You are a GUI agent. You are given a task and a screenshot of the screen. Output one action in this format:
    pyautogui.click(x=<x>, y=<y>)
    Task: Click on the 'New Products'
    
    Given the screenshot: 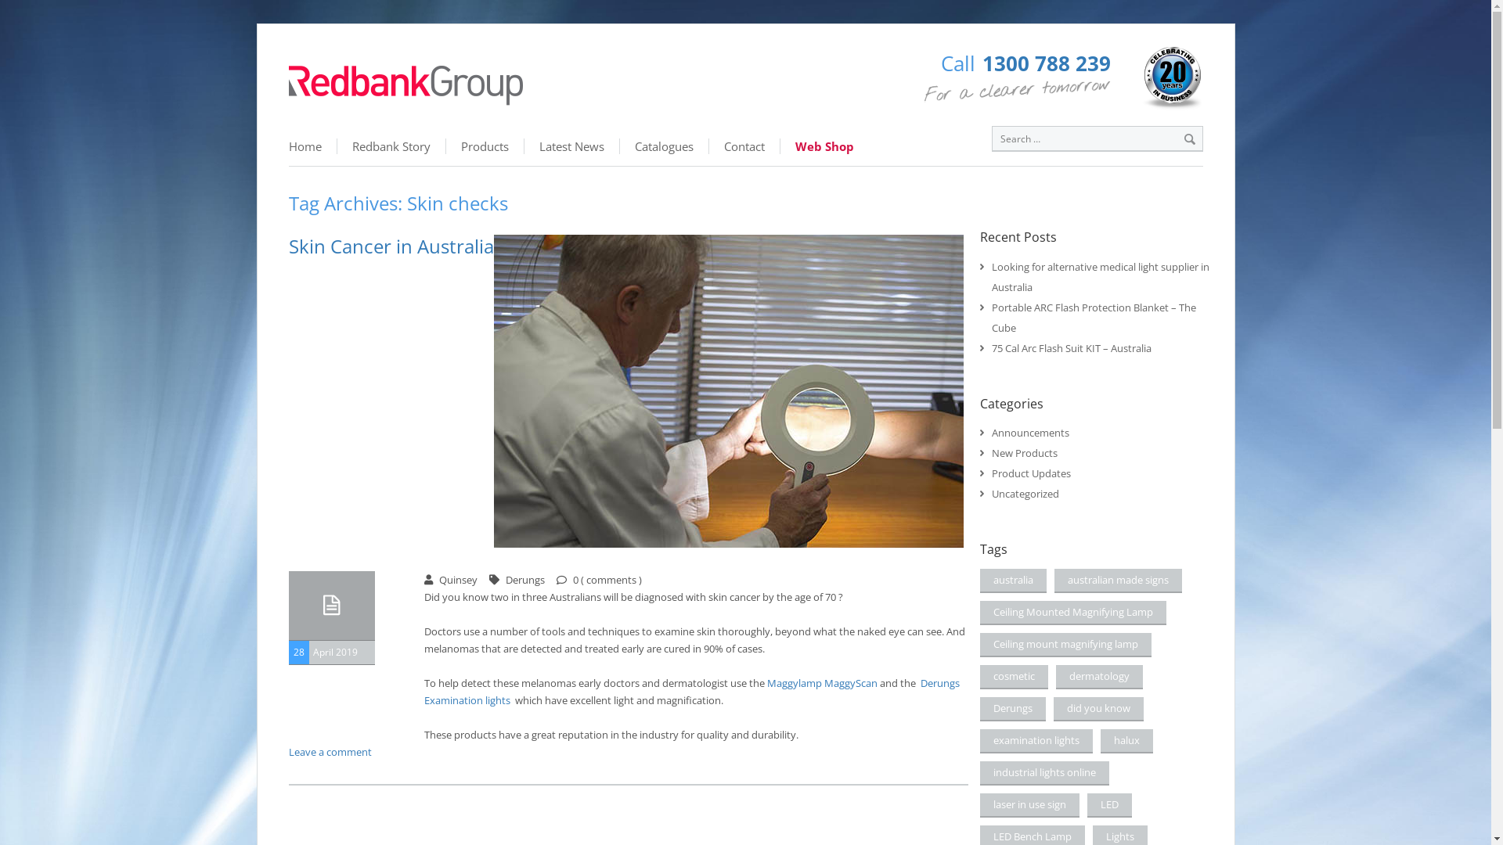 What is the action you would take?
    pyautogui.click(x=1025, y=452)
    